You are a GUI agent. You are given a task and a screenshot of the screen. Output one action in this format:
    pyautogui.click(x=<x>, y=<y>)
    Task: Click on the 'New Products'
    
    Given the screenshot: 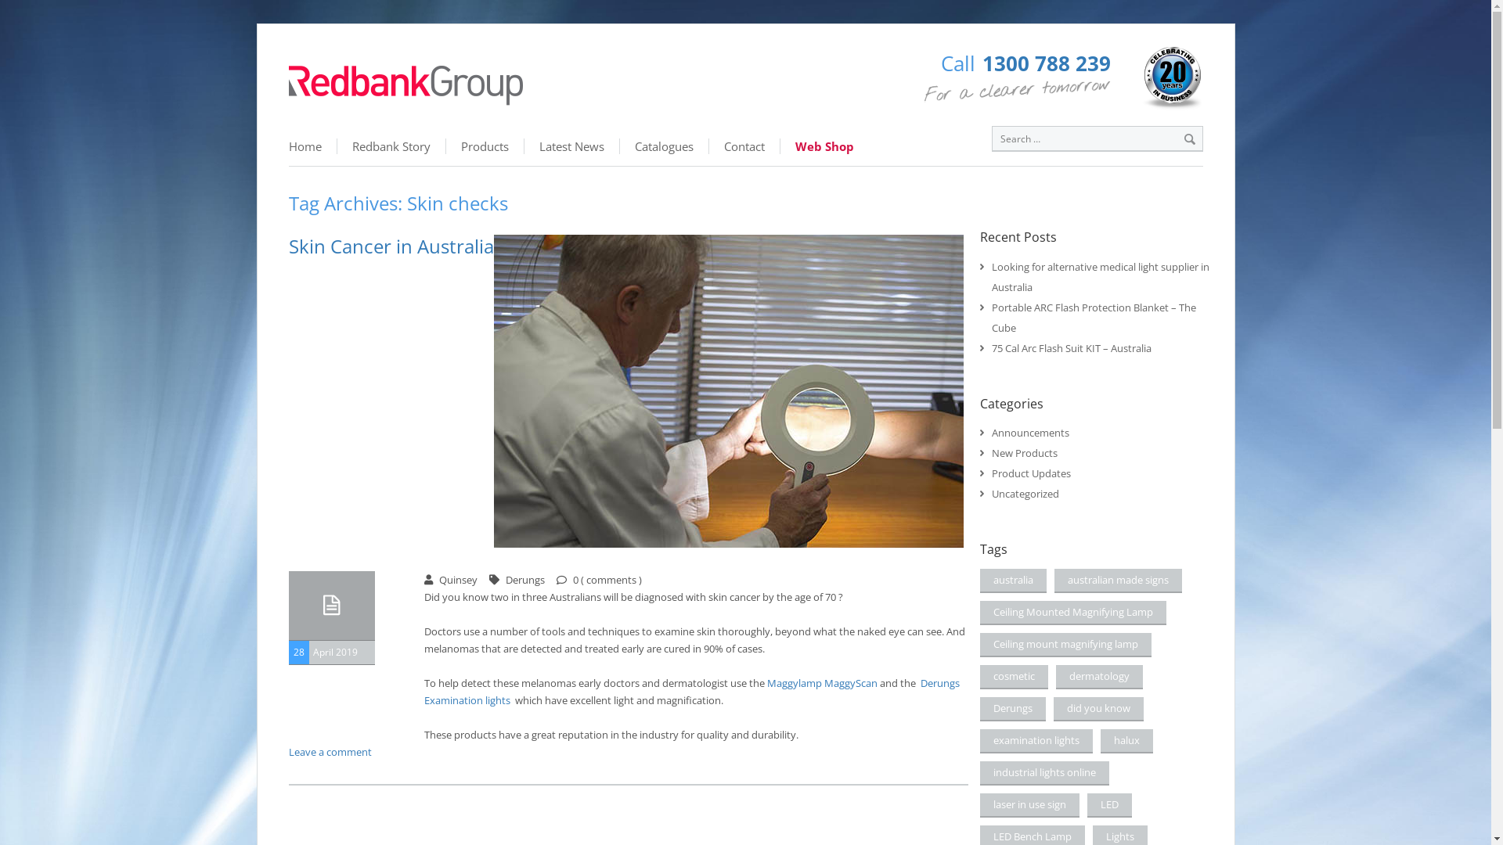 What is the action you would take?
    pyautogui.click(x=1025, y=452)
    